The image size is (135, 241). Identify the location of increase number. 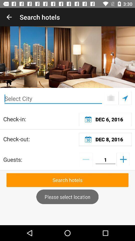
(123, 159).